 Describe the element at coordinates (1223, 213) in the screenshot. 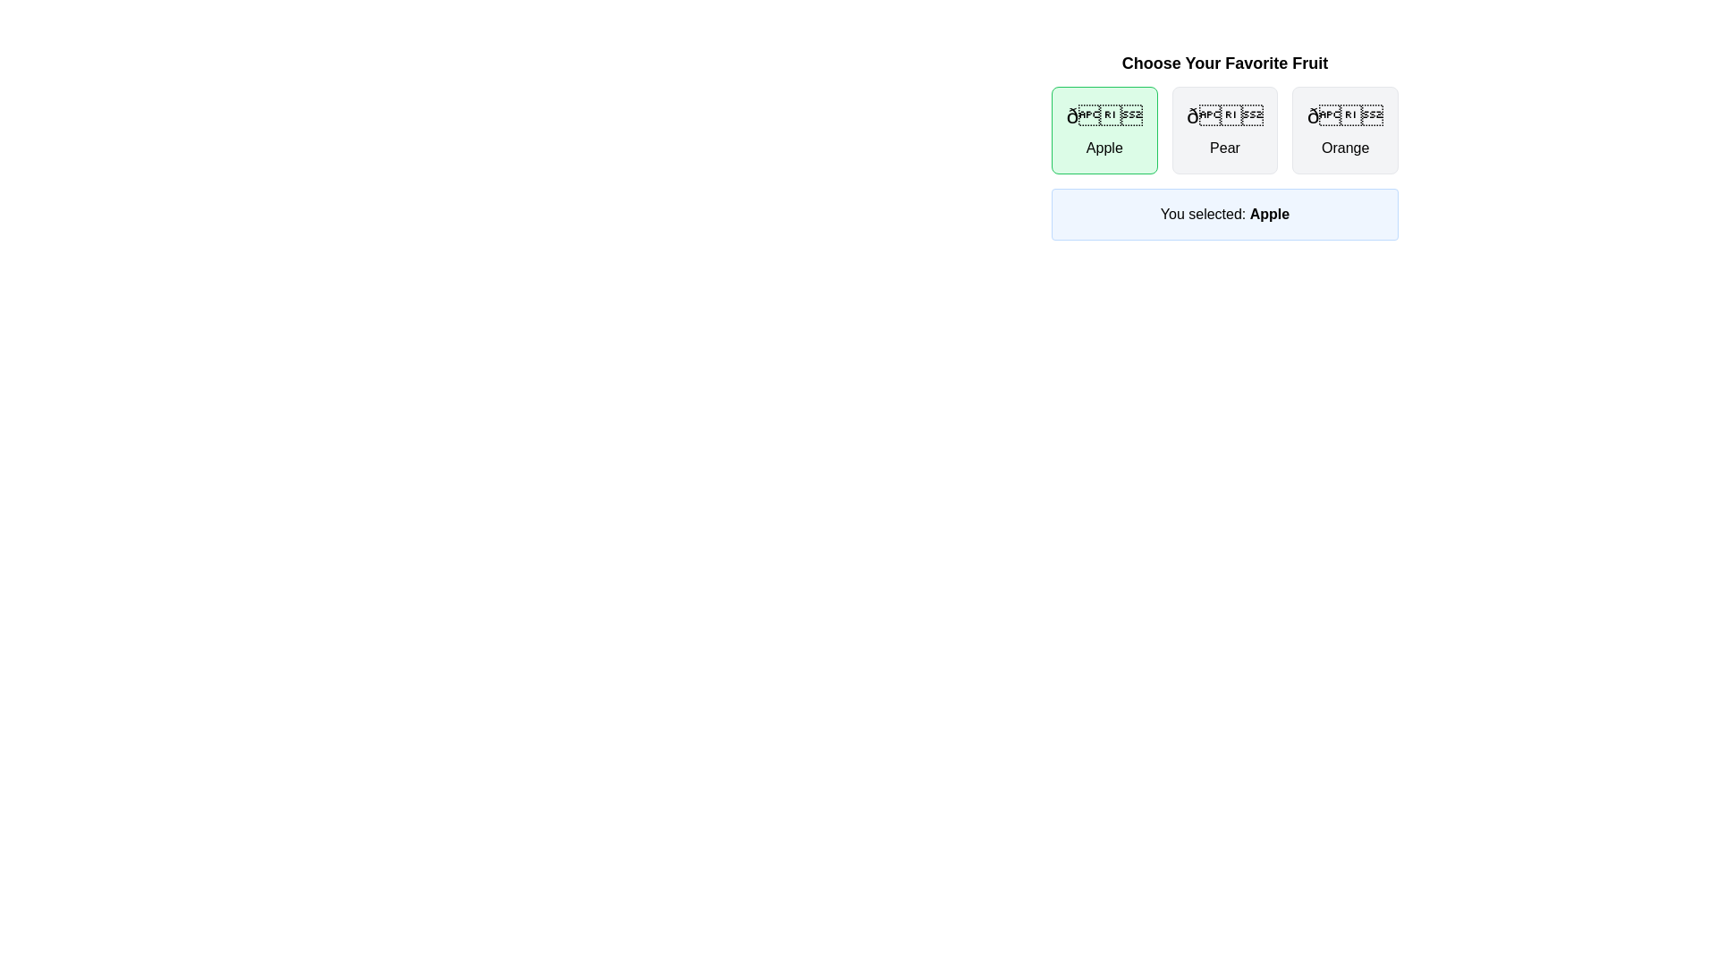

I see `the notification box with a light blue background that displays 'You selected: Apple' in bold text` at that location.